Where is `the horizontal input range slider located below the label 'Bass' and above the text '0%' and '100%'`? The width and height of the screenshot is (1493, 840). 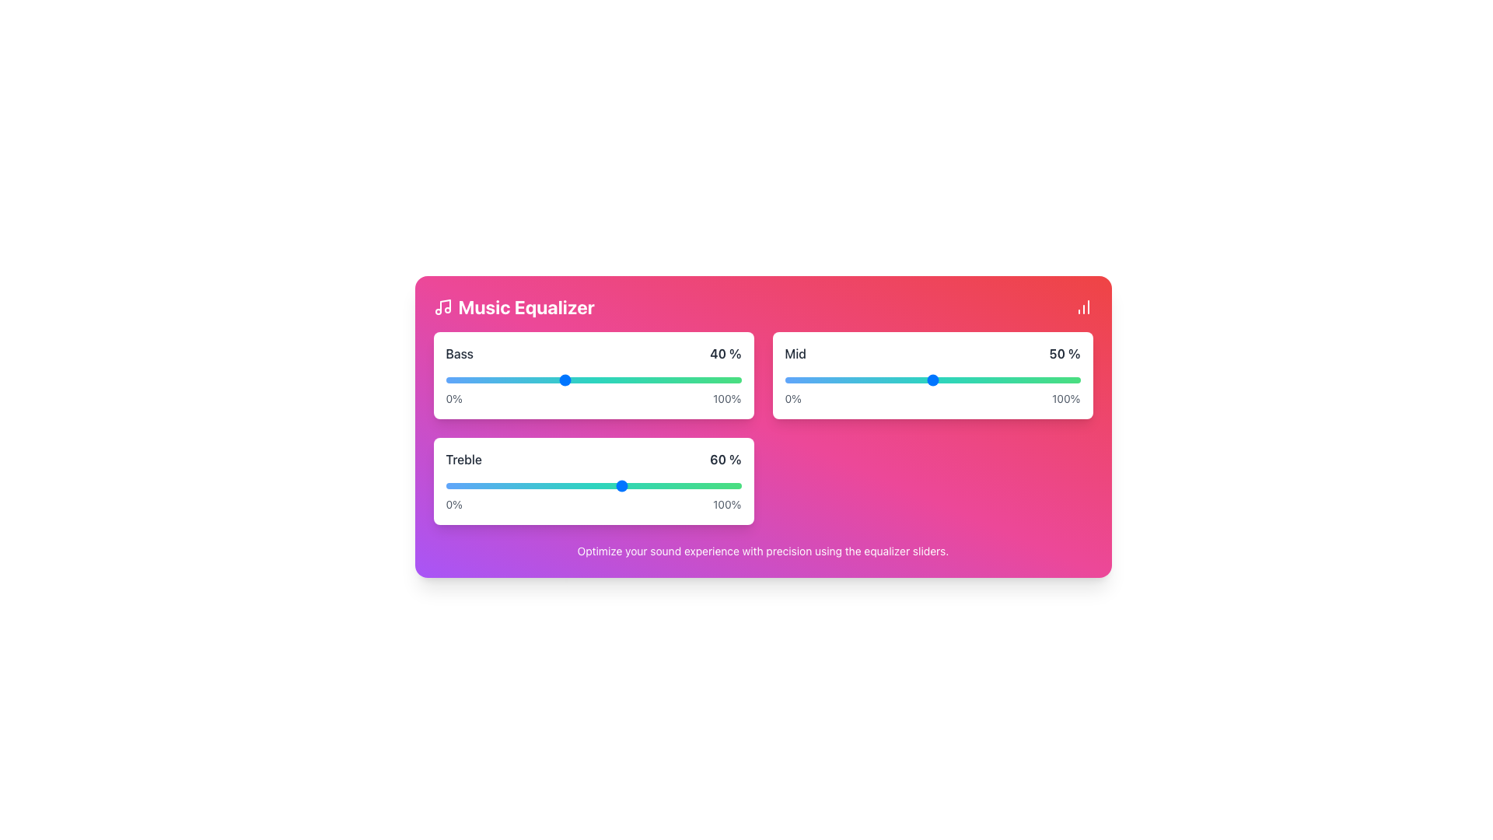 the horizontal input range slider located below the label 'Bass' and above the text '0%' and '100%' is located at coordinates (593, 380).